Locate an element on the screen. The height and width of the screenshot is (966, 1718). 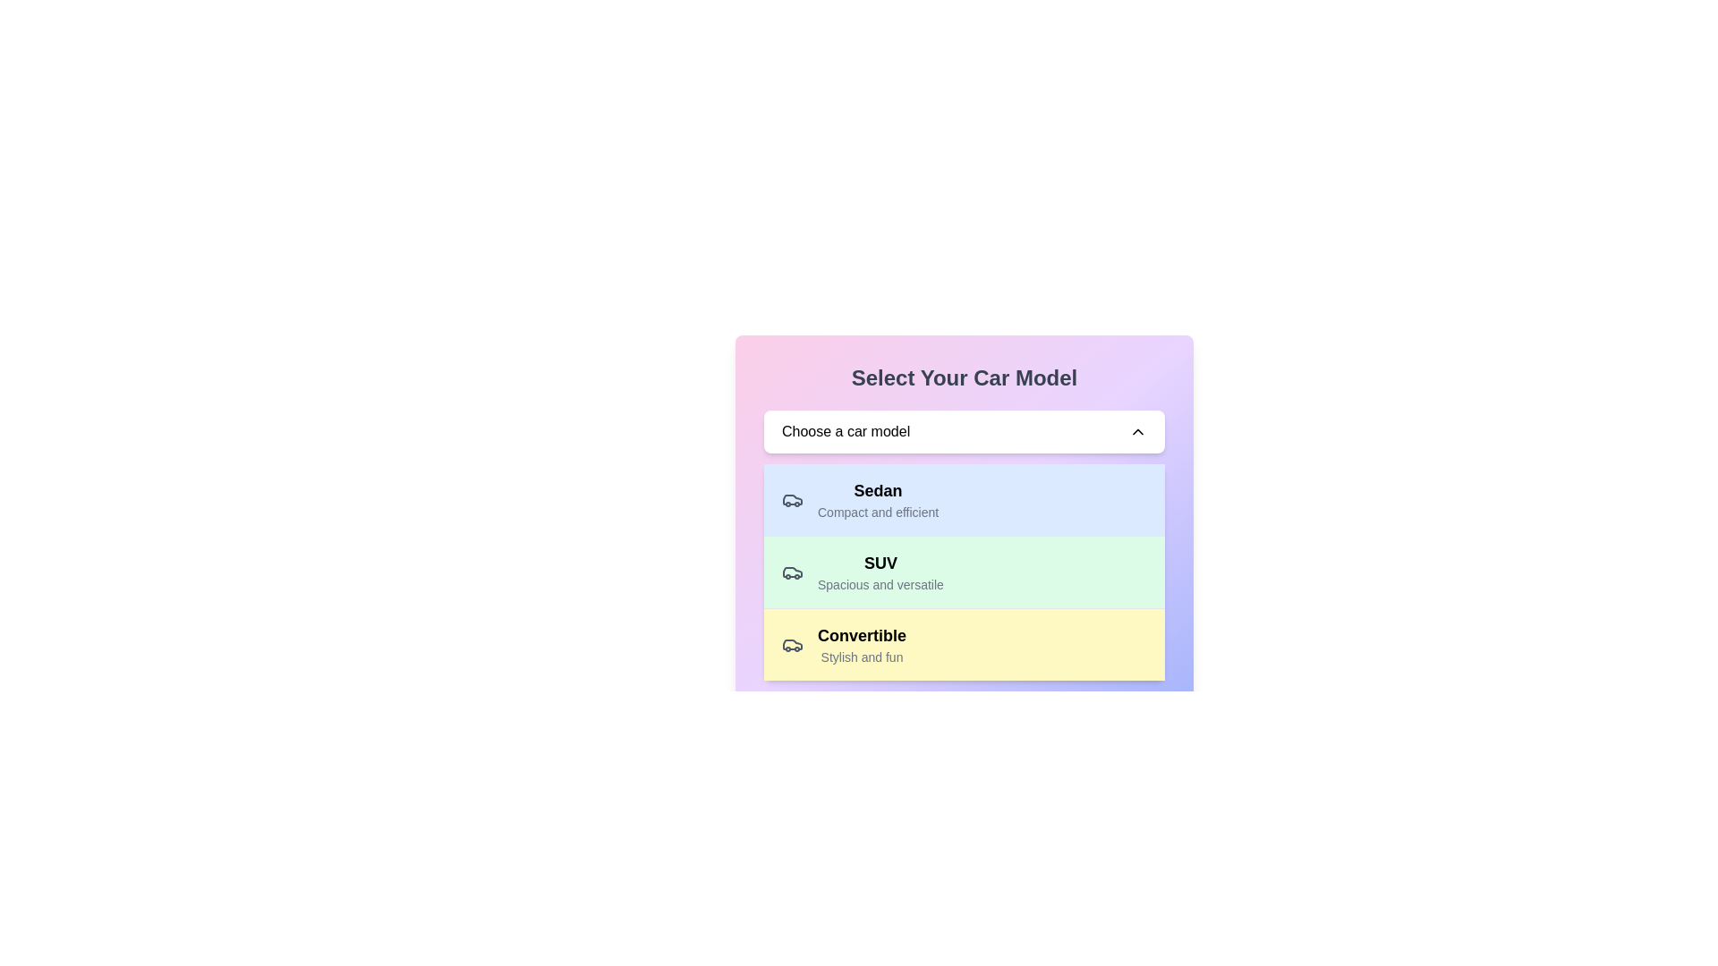
the icon associated with the 'SUV' menu option to assist in user navigation is located at coordinates (792, 500).